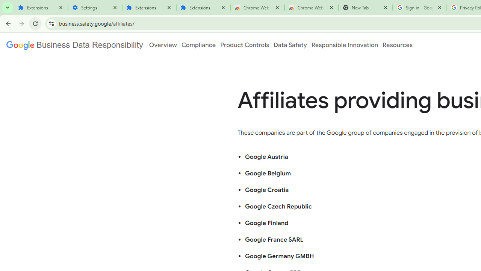 Image resolution: width=481 pixels, height=271 pixels. I want to click on 'Extensions', so click(203, 8).